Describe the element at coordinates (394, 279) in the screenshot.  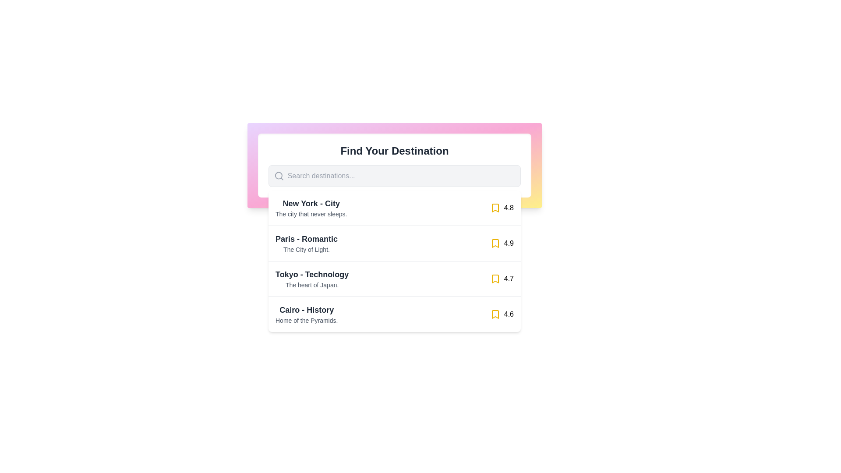
I see `the third list item displaying the name, description, and rating for a location entry` at that location.